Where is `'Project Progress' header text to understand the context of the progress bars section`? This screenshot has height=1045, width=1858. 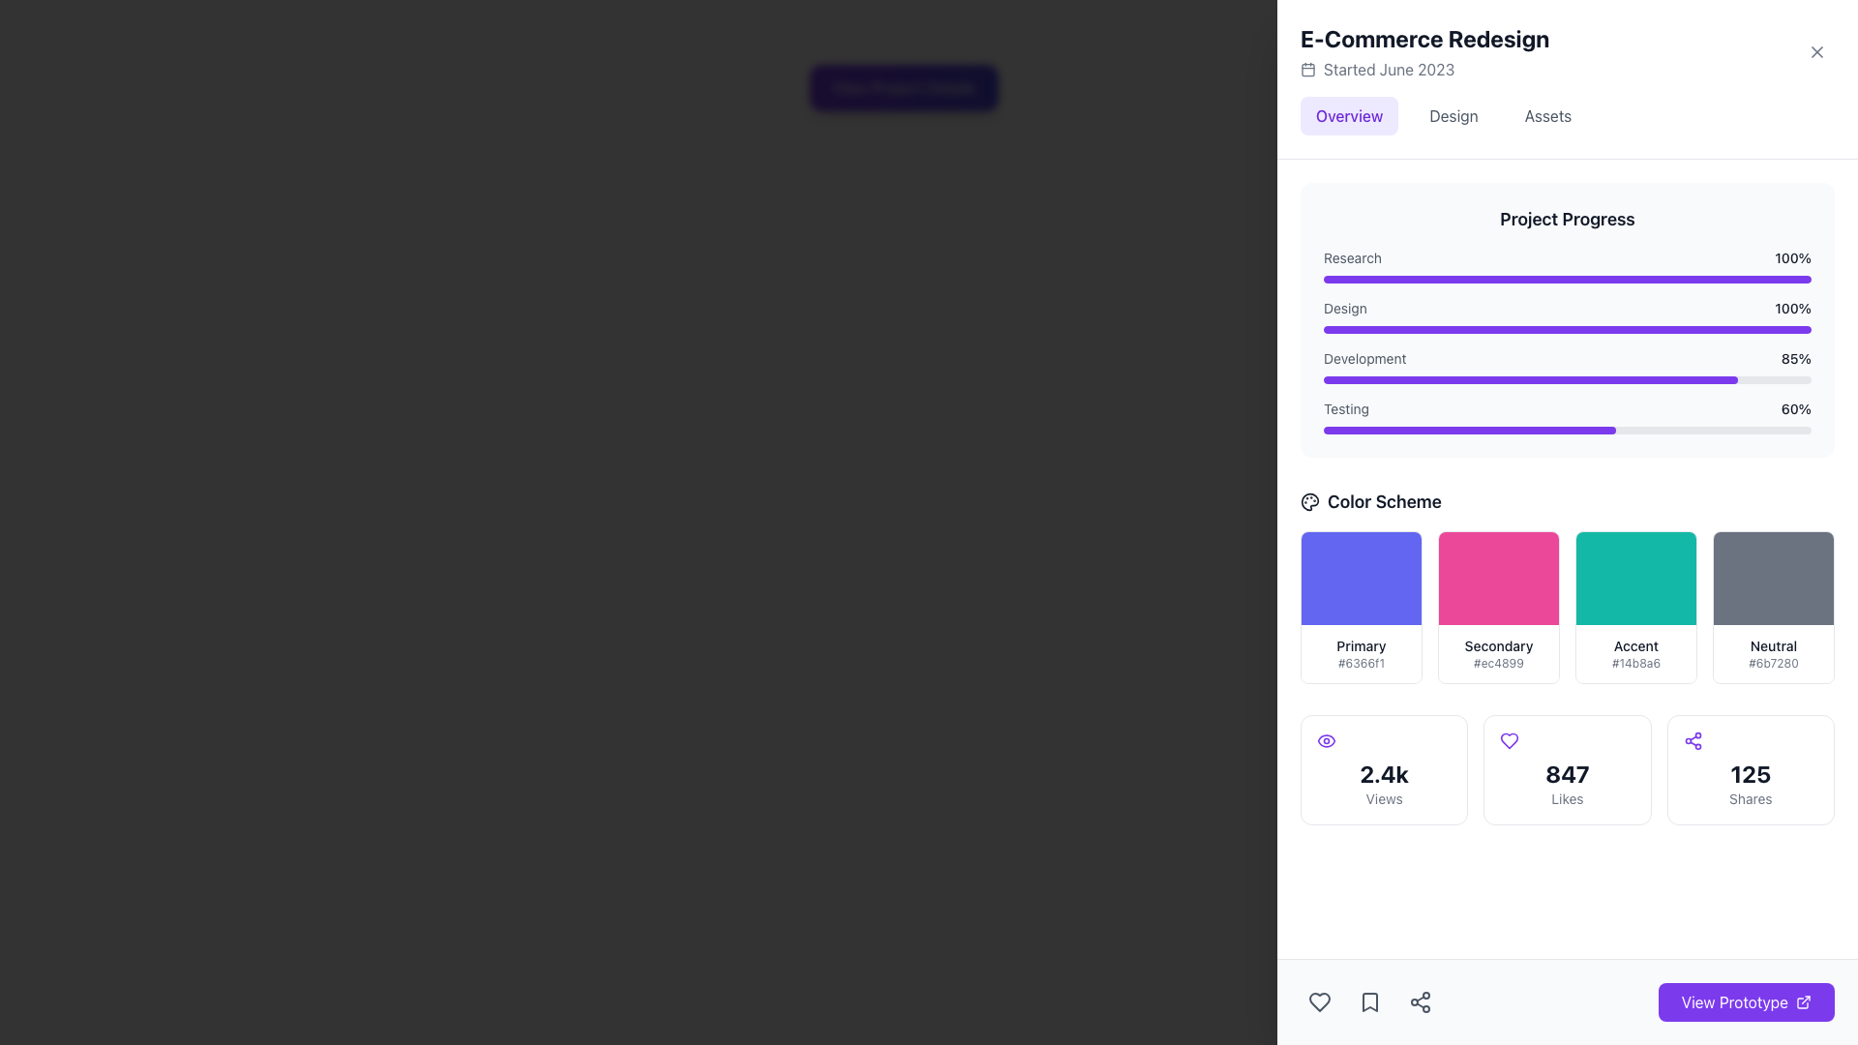
'Project Progress' header text to understand the context of the progress bars section is located at coordinates (1568, 219).